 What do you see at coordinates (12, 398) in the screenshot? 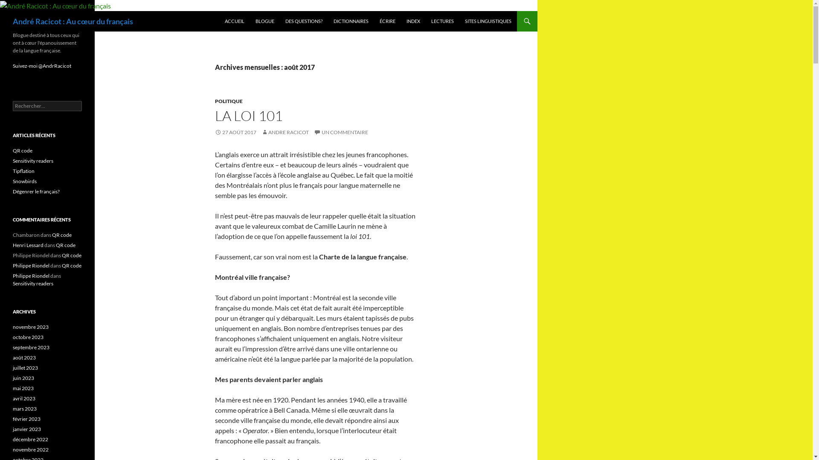
I see `'avril 2023'` at bounding box center [12, 398].